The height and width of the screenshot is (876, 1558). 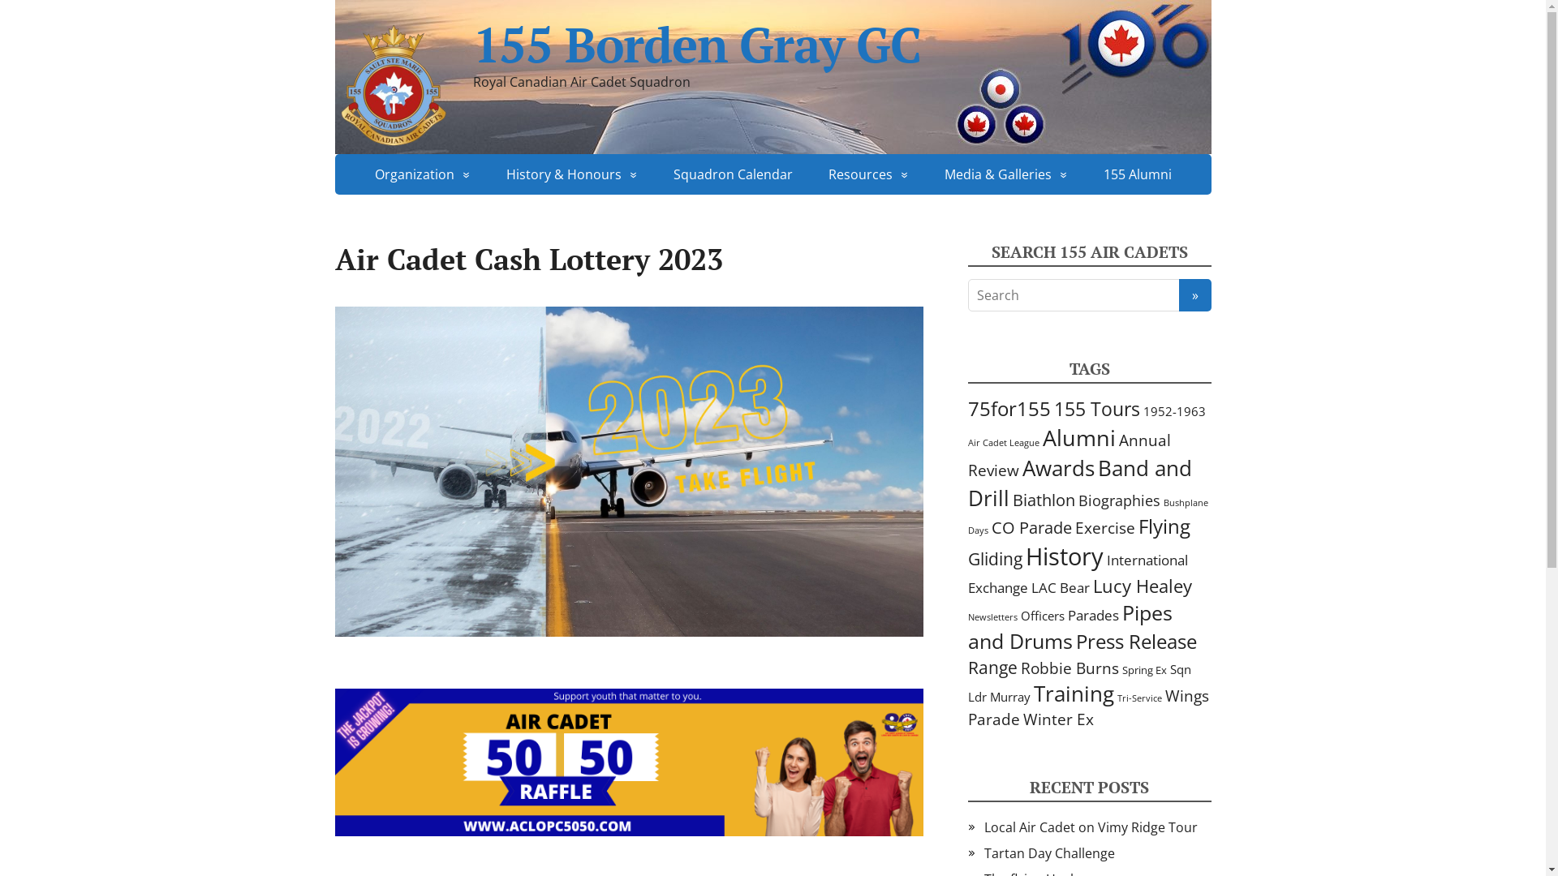 I want to click on 'International Exchange', so click(x=1077, y=573).